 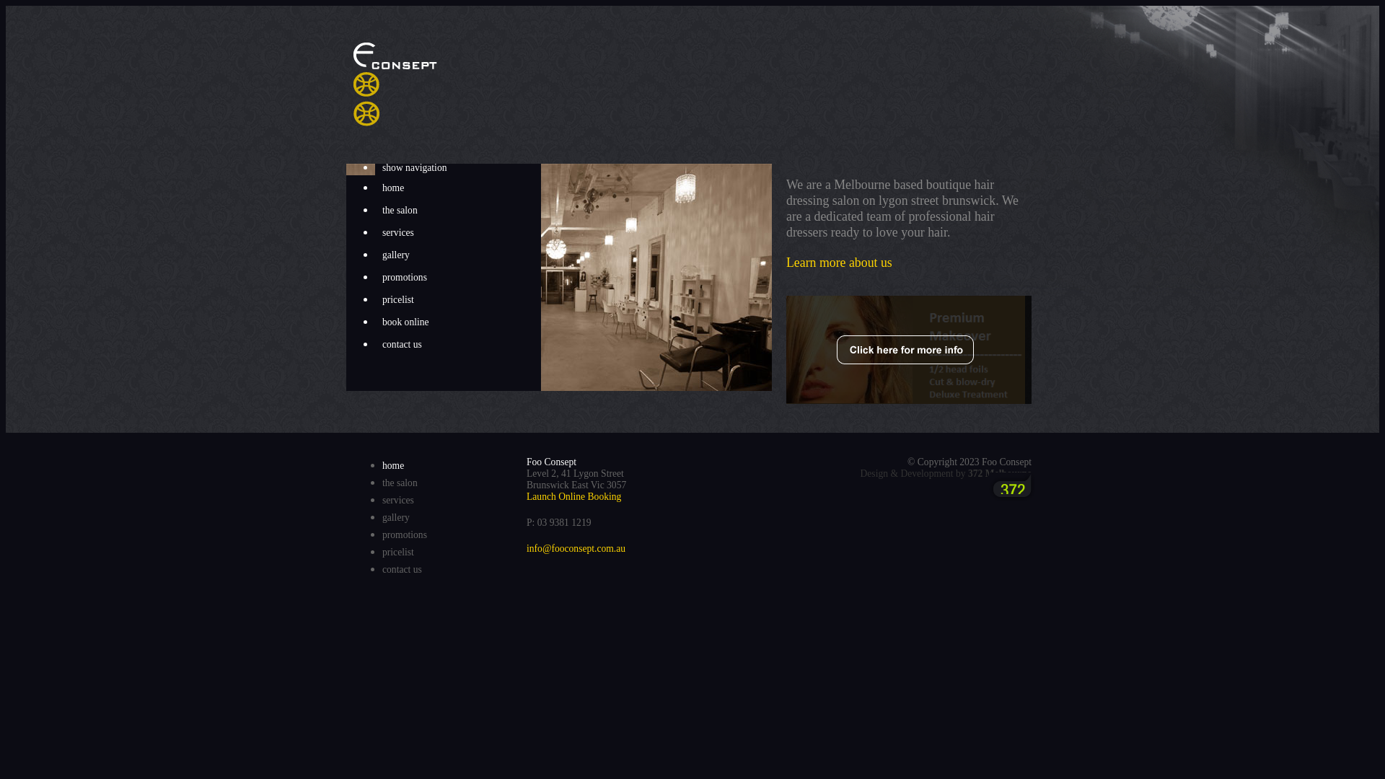 What do you see at coordinates (353, 84) in the screenshot?
I see `'Hair Dresser Brunswick Melbourne Australia - Foo Consept'` at bounding box center [353, 84].